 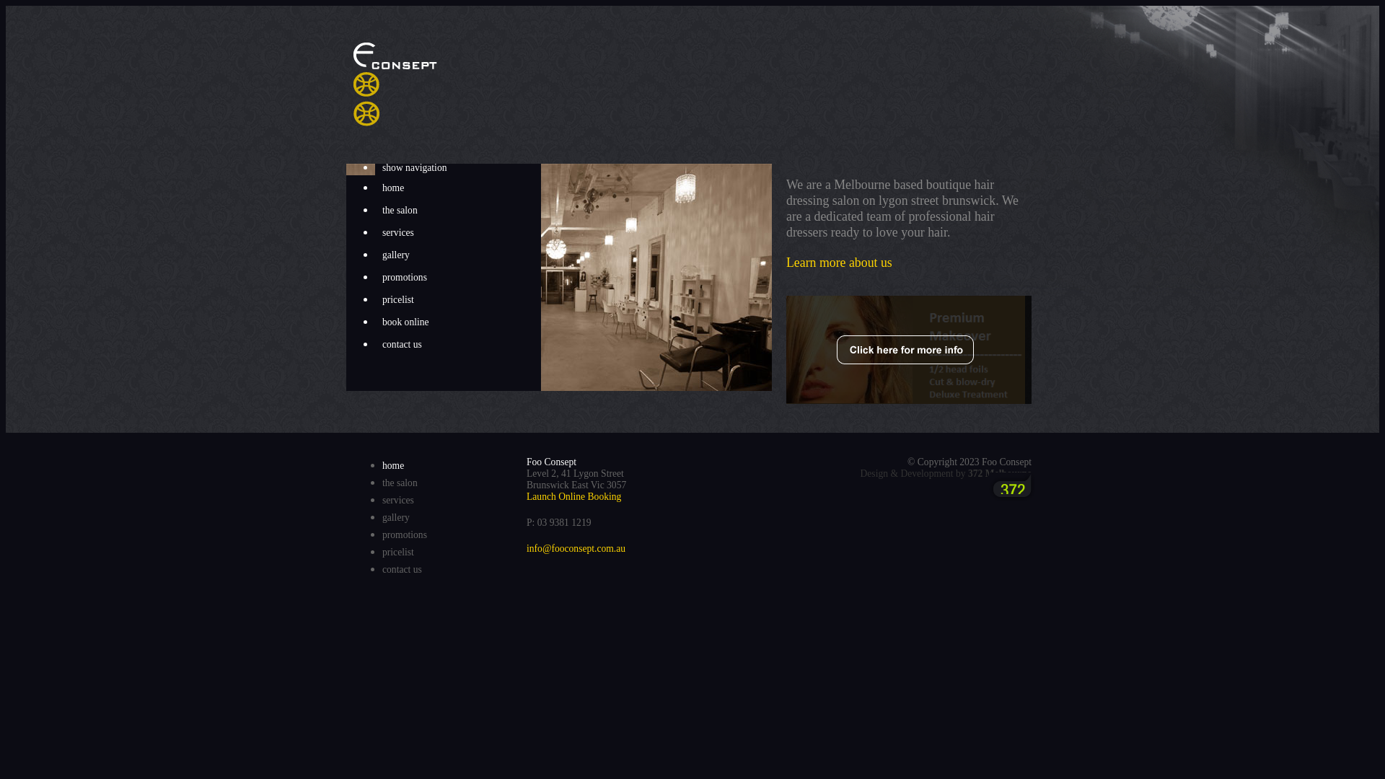 What do you see at coordinates (353, 84) in the screenshot?
I see `'Hair Dresser Brunswick Melbourne Australia - Foo Consept'` at bounding box center [353, 84].